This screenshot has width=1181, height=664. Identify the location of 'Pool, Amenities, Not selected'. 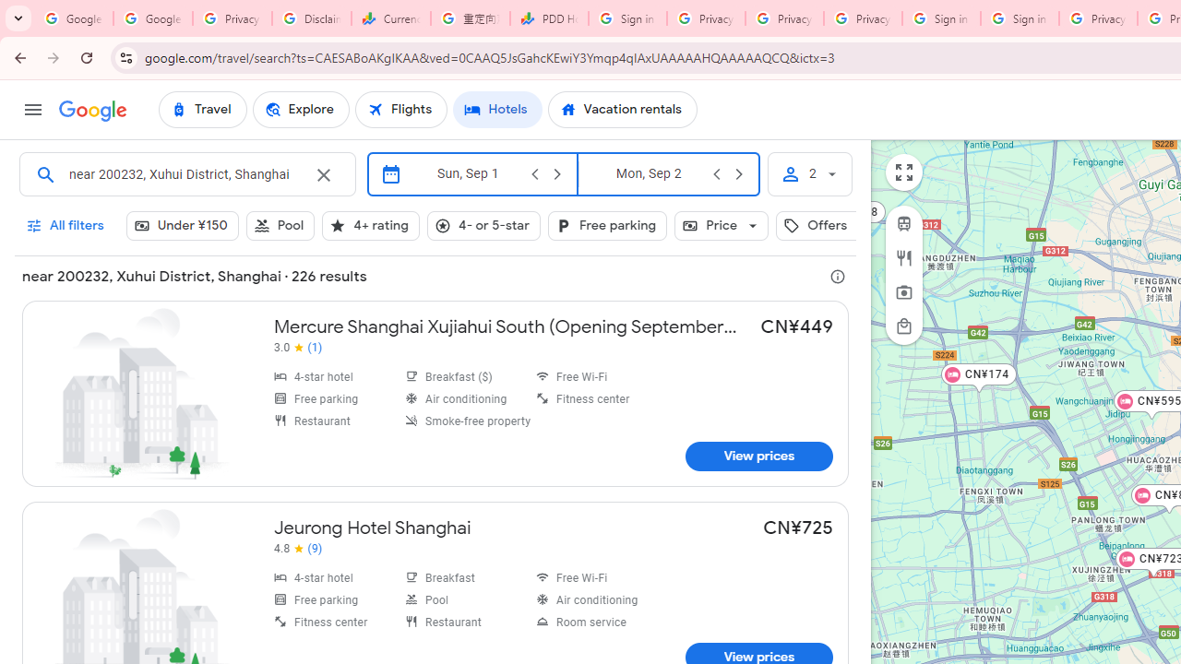
(280, 224).